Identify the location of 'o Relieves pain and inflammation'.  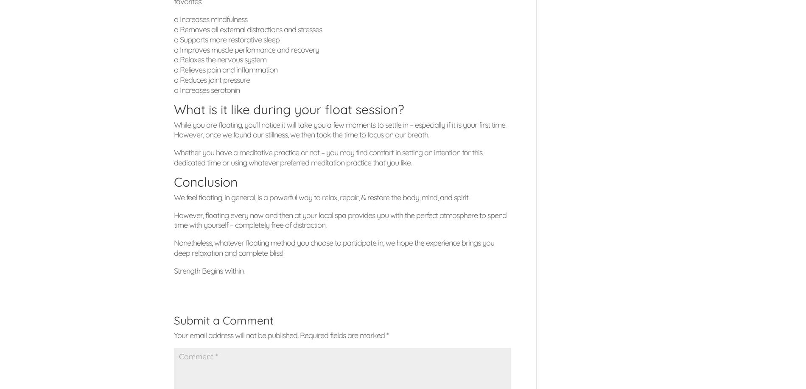
(174, 70).